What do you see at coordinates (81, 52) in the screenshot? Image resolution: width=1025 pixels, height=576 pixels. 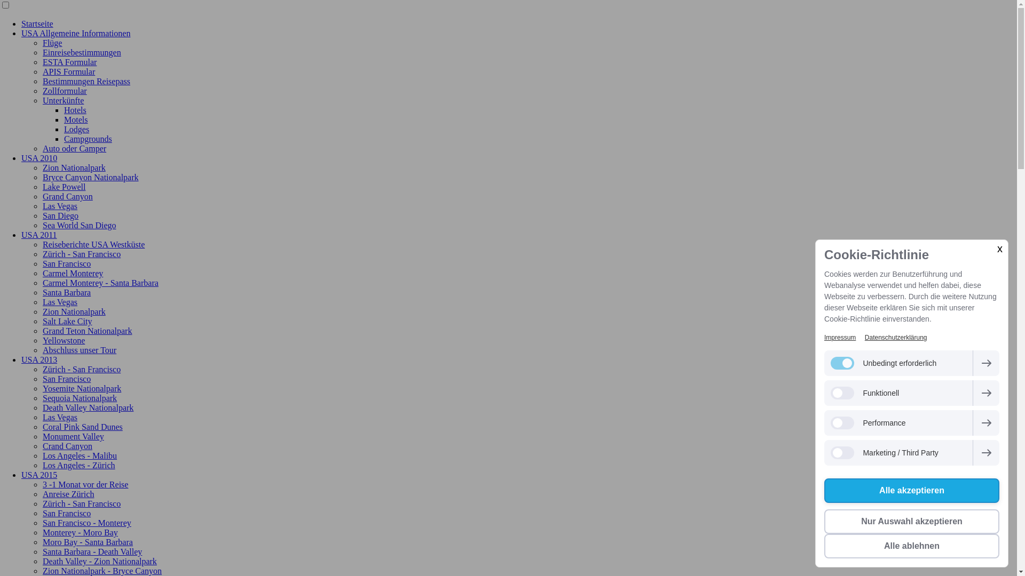 I see `'Einreisebestimmungen'` at bounding box center [81, 52].